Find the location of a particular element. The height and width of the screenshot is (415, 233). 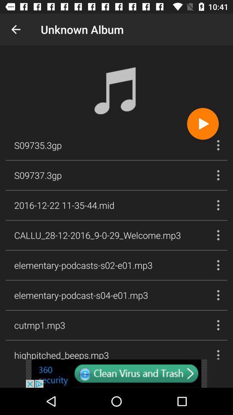

play is located at coordinates (203, 123).